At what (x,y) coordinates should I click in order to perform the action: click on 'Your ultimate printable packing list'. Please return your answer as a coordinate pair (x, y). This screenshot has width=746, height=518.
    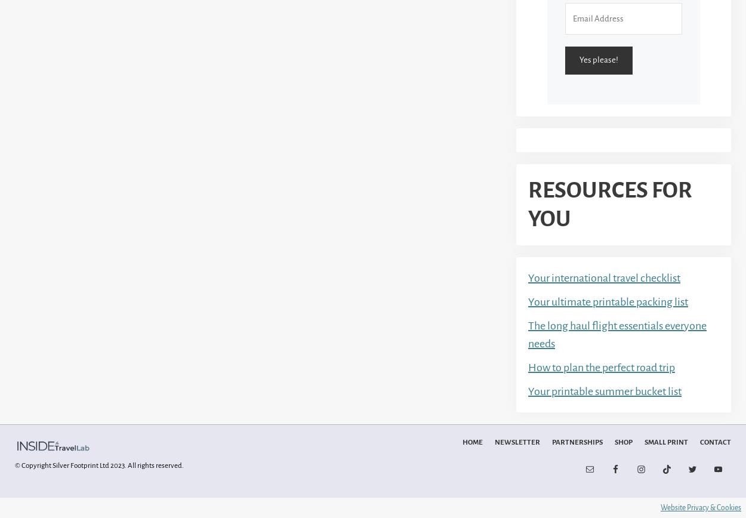
    Looking at the image, I should click on (608, 301).